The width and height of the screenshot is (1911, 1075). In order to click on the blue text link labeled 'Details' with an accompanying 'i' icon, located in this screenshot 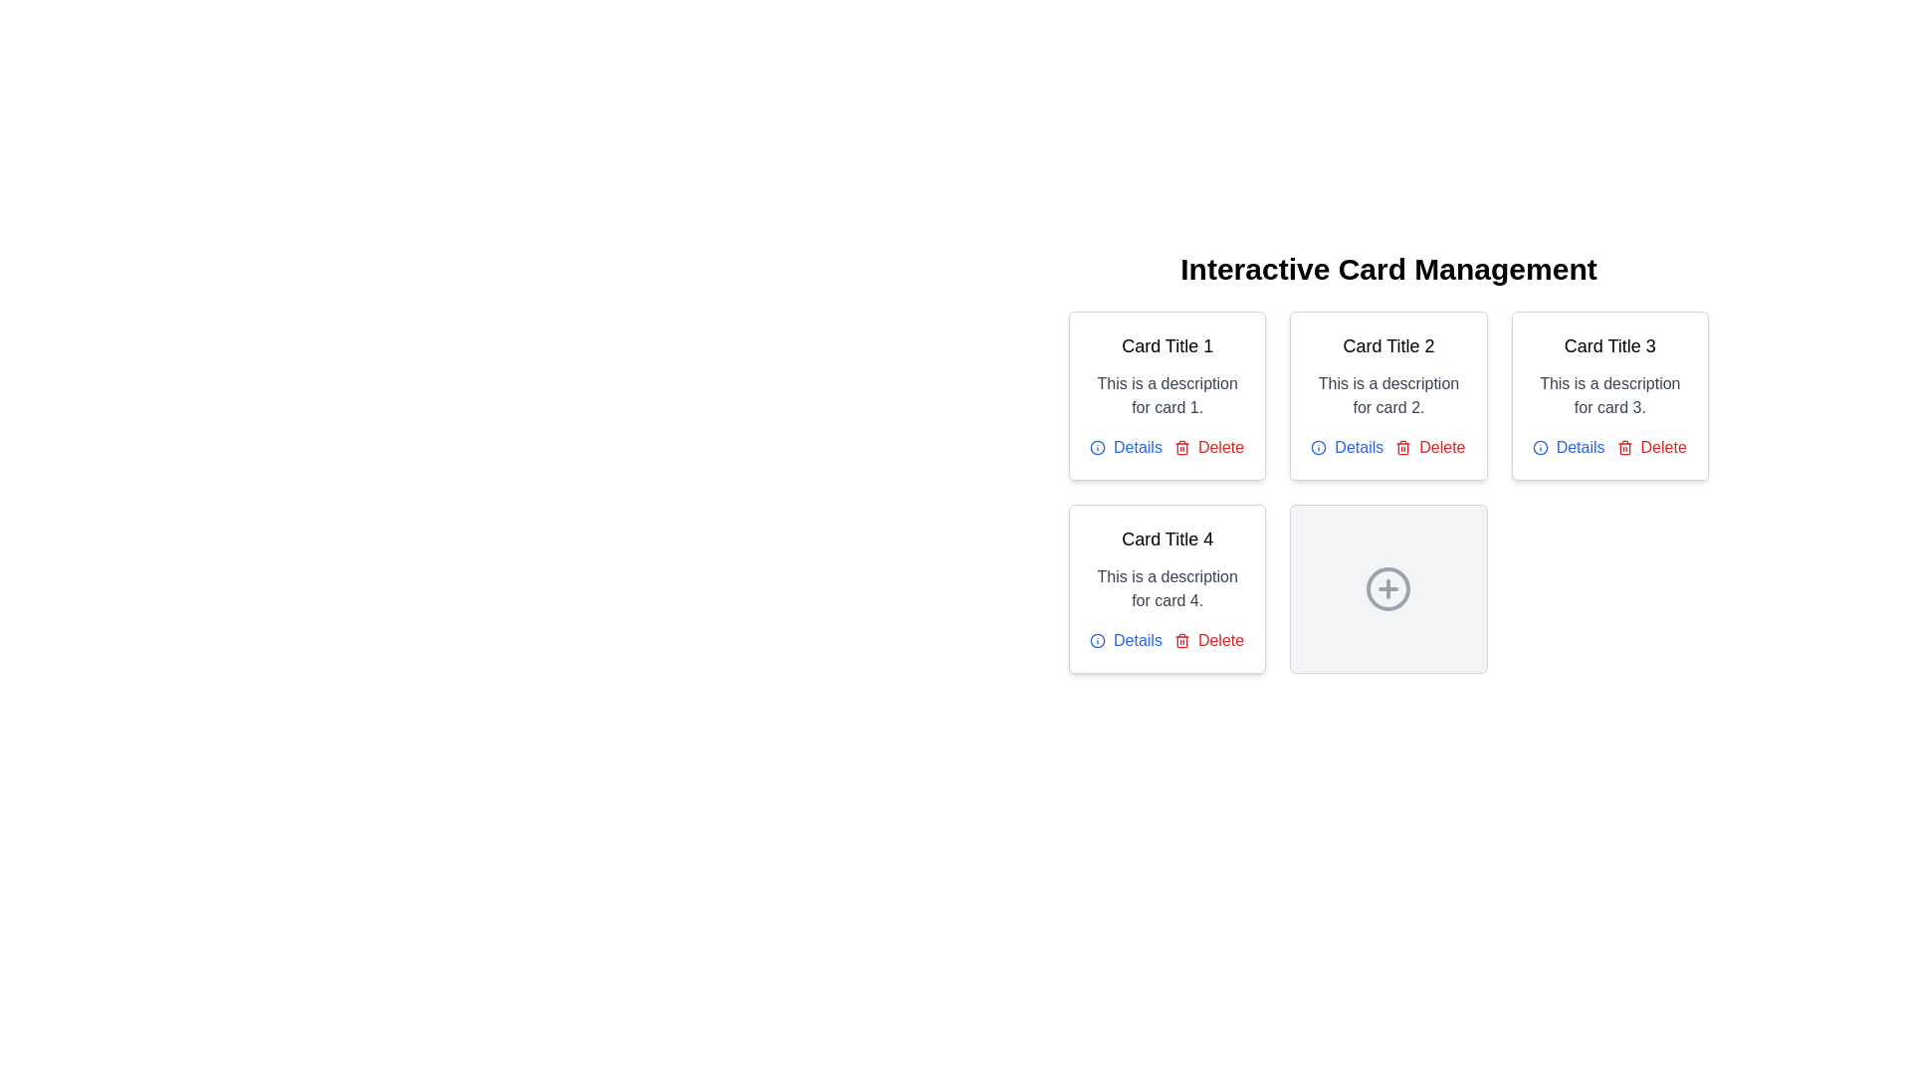, I will do `click(1126, 448)`.